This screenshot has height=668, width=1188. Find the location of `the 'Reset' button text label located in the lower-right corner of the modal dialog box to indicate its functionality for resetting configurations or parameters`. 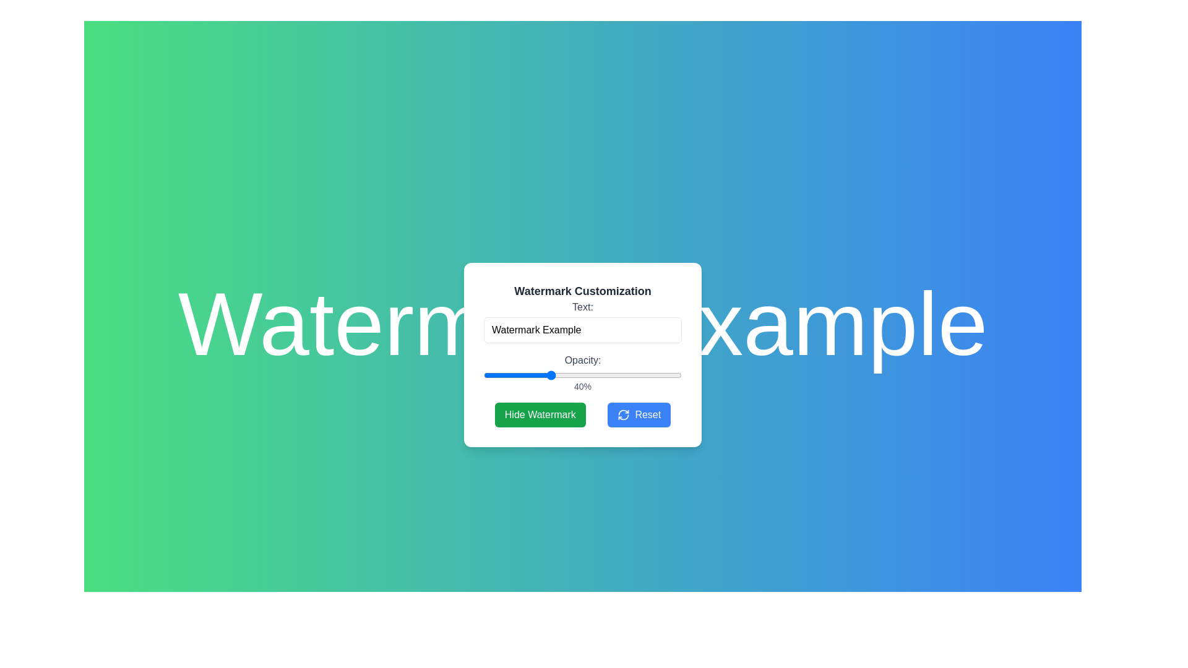

the 'Reset' button text label located in the lower-right corner of the modal dialog box to indicate its functionality for resetting configurations or parameters is located at coordinates (647, 415).